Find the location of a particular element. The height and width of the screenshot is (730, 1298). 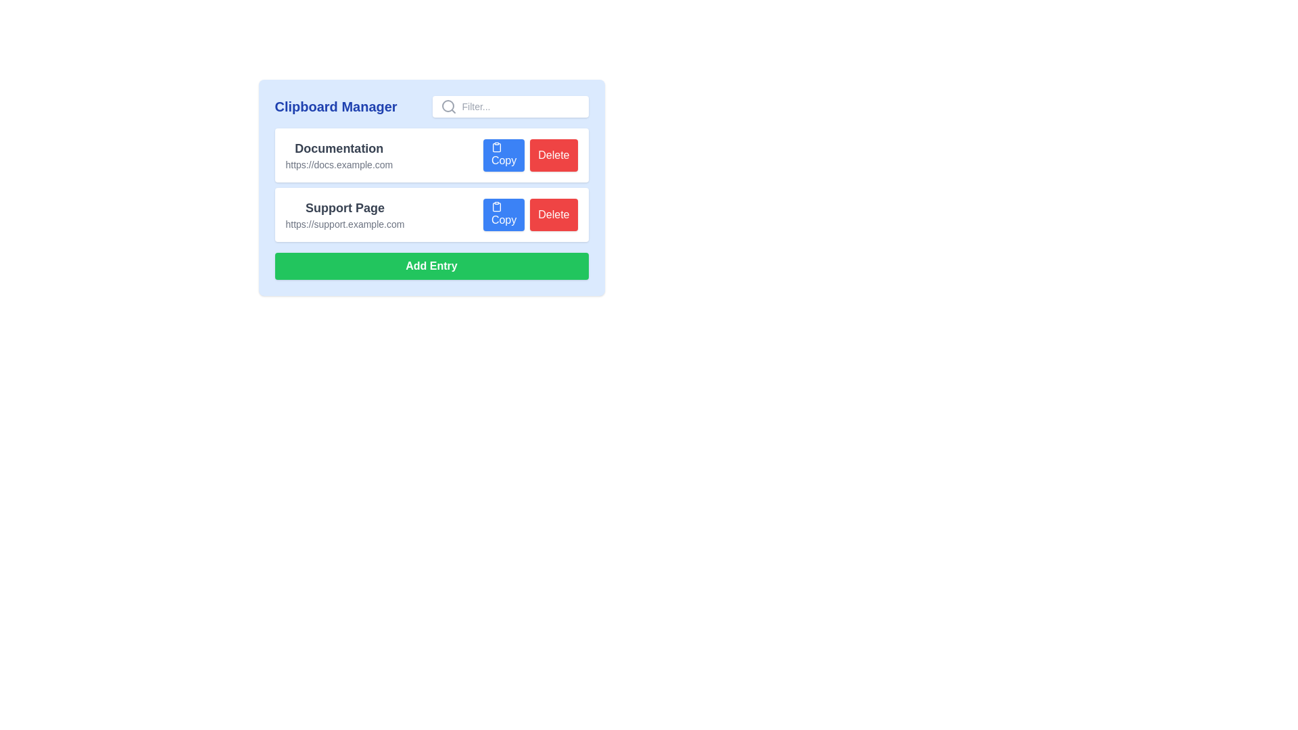

the 'Copy' button in the 'Support Page' list item entry is located at coordinates (431, 214).